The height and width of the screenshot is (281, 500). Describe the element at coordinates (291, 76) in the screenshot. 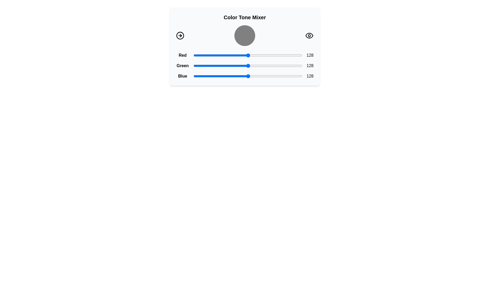

I see `the slider value` at that location.